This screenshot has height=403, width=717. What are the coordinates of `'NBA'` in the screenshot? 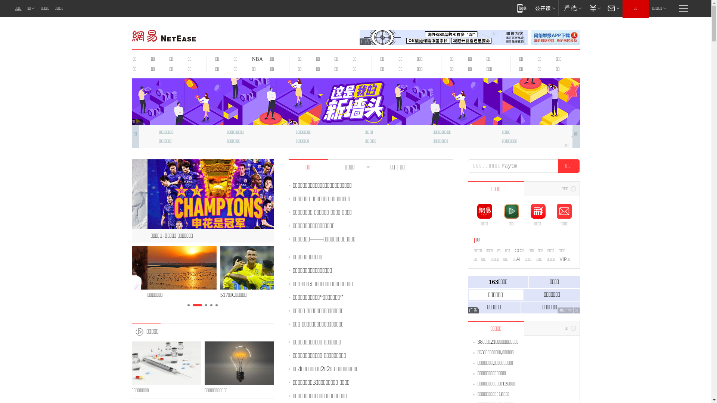 It's located at (256, 59).